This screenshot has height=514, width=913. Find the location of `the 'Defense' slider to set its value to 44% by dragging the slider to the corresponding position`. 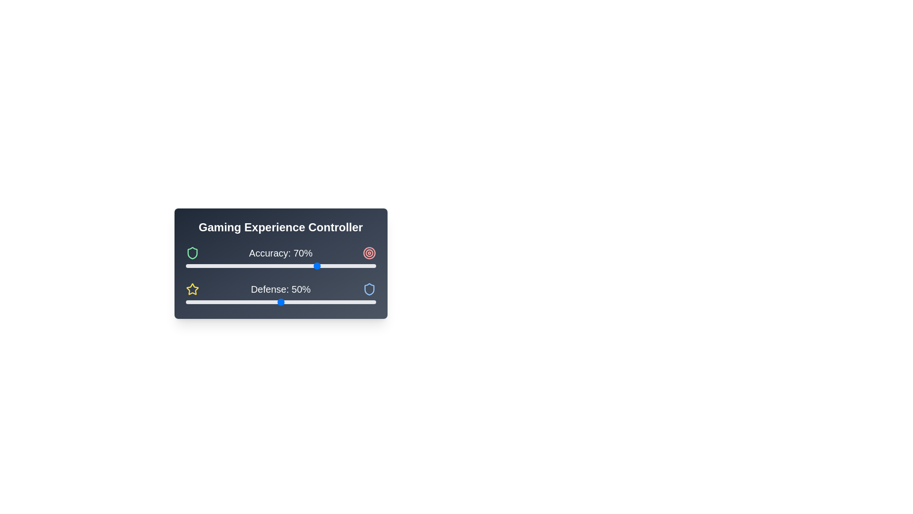

the 'Defense' slider to set its value to 44% by dragging the slider to the corresponding position is located at coordinates (269, 302).